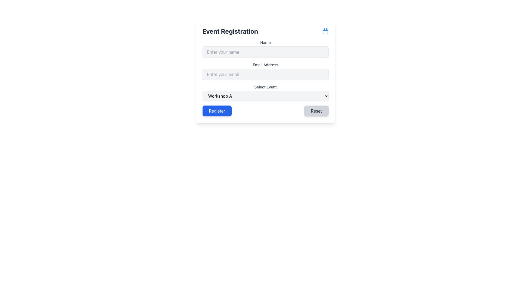 The width and height of the screenshot is (522, 293). I want to click on the 'Name' label, which is styled in small font size and medium-gray color, located directly above the input field for entering the name, so click(265, 42).